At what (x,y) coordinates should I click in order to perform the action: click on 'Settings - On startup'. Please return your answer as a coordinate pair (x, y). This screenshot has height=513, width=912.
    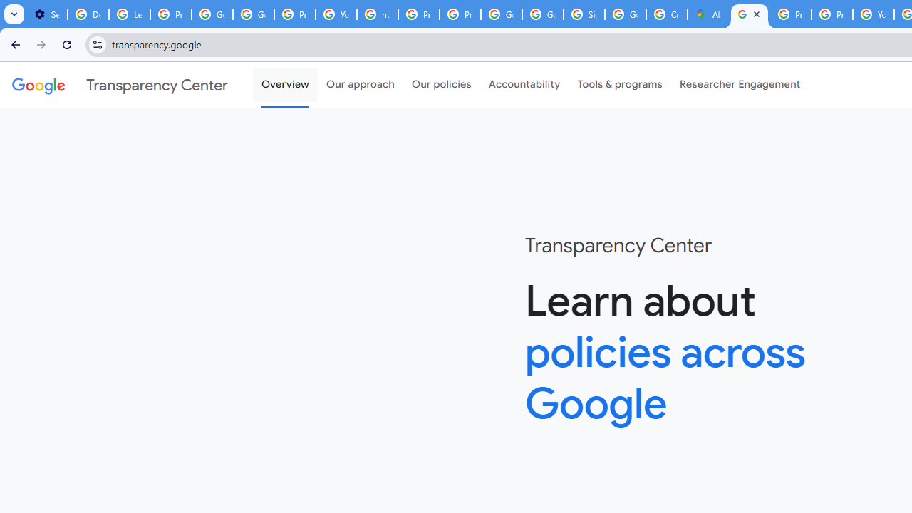
    Looking at the image, I should click on (46, 14).